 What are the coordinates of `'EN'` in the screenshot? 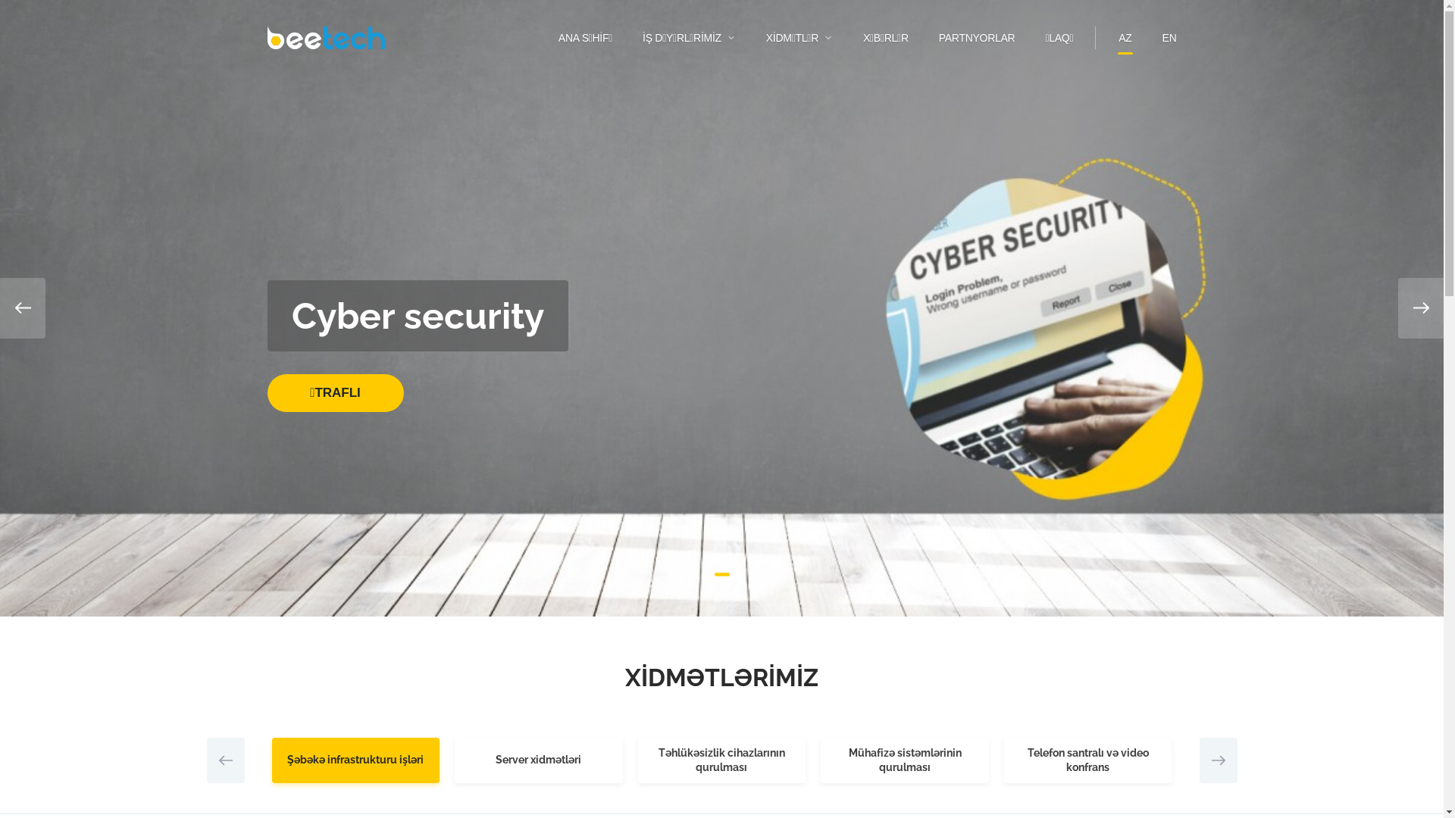 It's located at (1169, 37).